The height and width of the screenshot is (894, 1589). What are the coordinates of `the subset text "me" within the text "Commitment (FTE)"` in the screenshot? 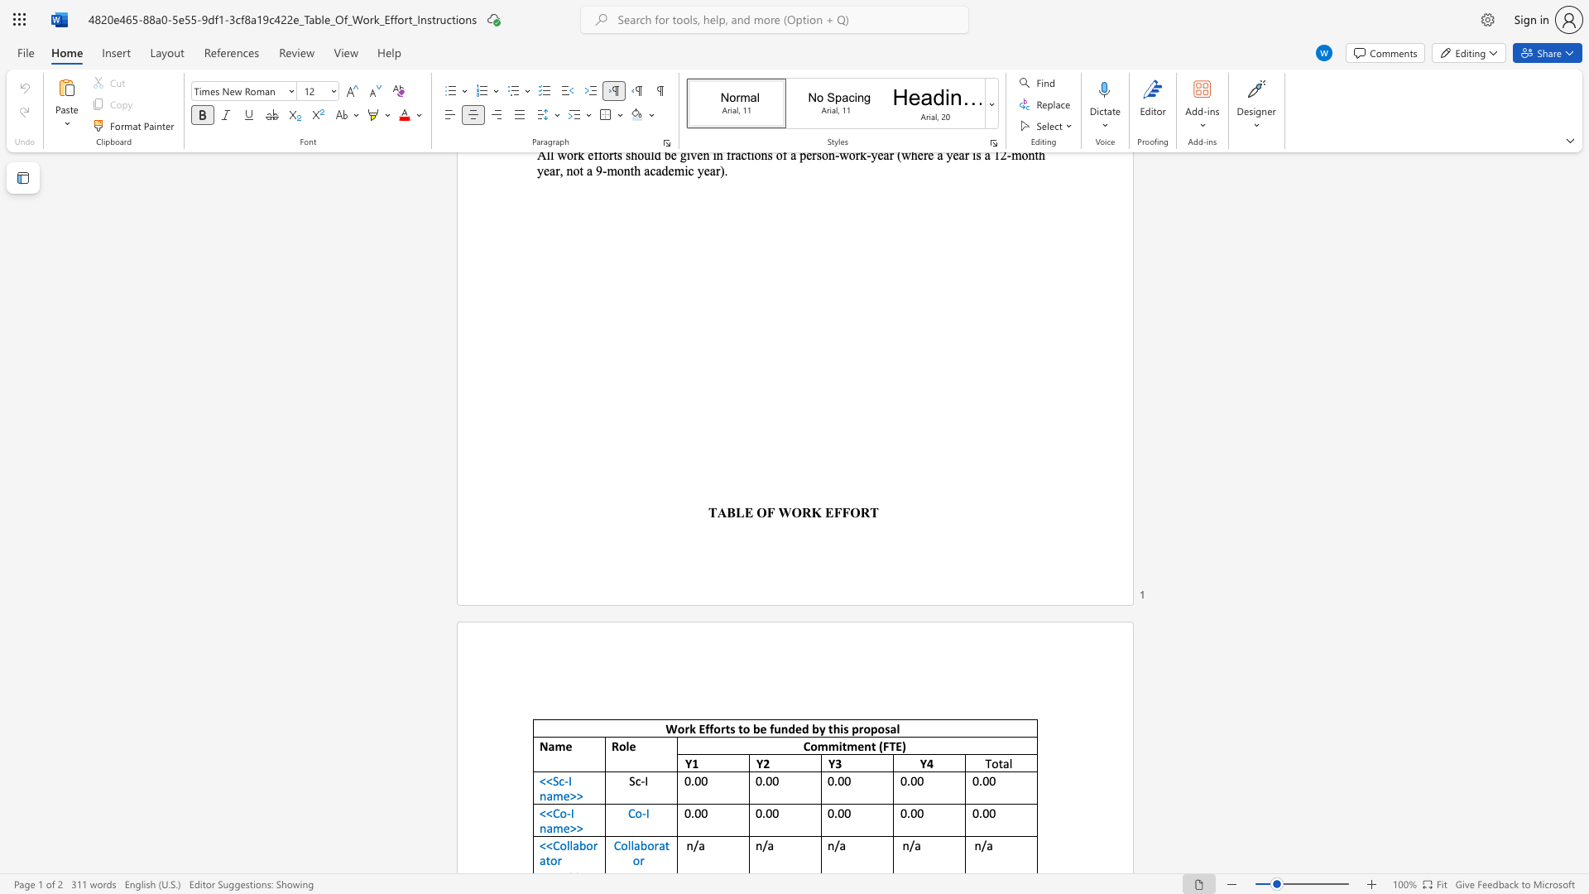 It's located at (847, 746).